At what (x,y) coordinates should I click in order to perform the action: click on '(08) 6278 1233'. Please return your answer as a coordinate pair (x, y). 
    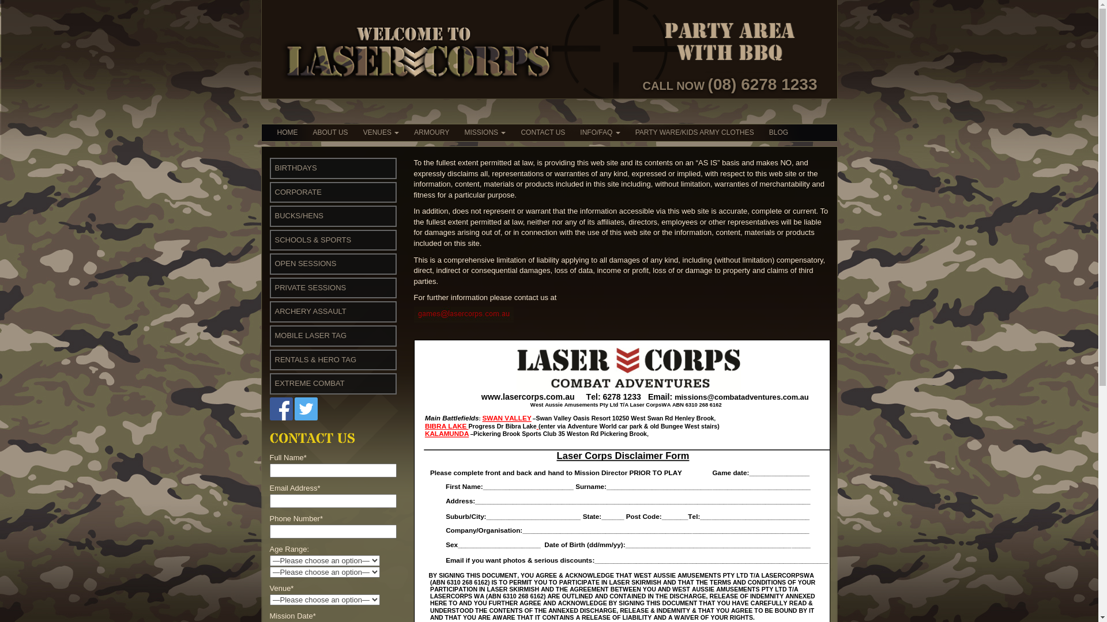
    Looking at the image, I should click on (763, 84).